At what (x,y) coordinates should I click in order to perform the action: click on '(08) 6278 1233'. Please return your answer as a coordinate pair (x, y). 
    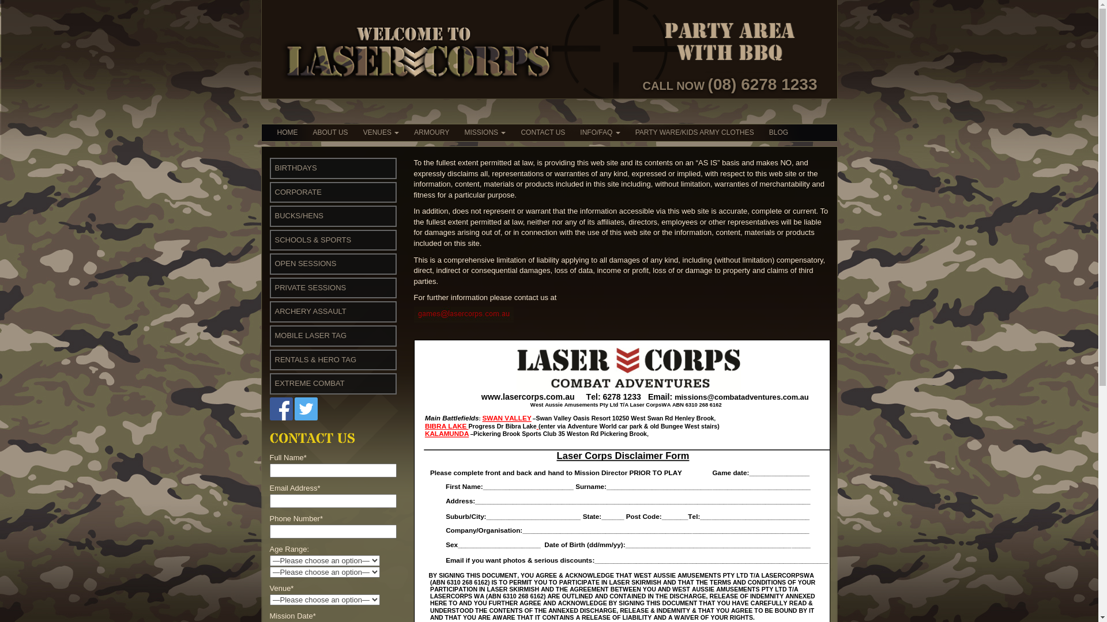
    Looking at the image, I should click on (763, 84).